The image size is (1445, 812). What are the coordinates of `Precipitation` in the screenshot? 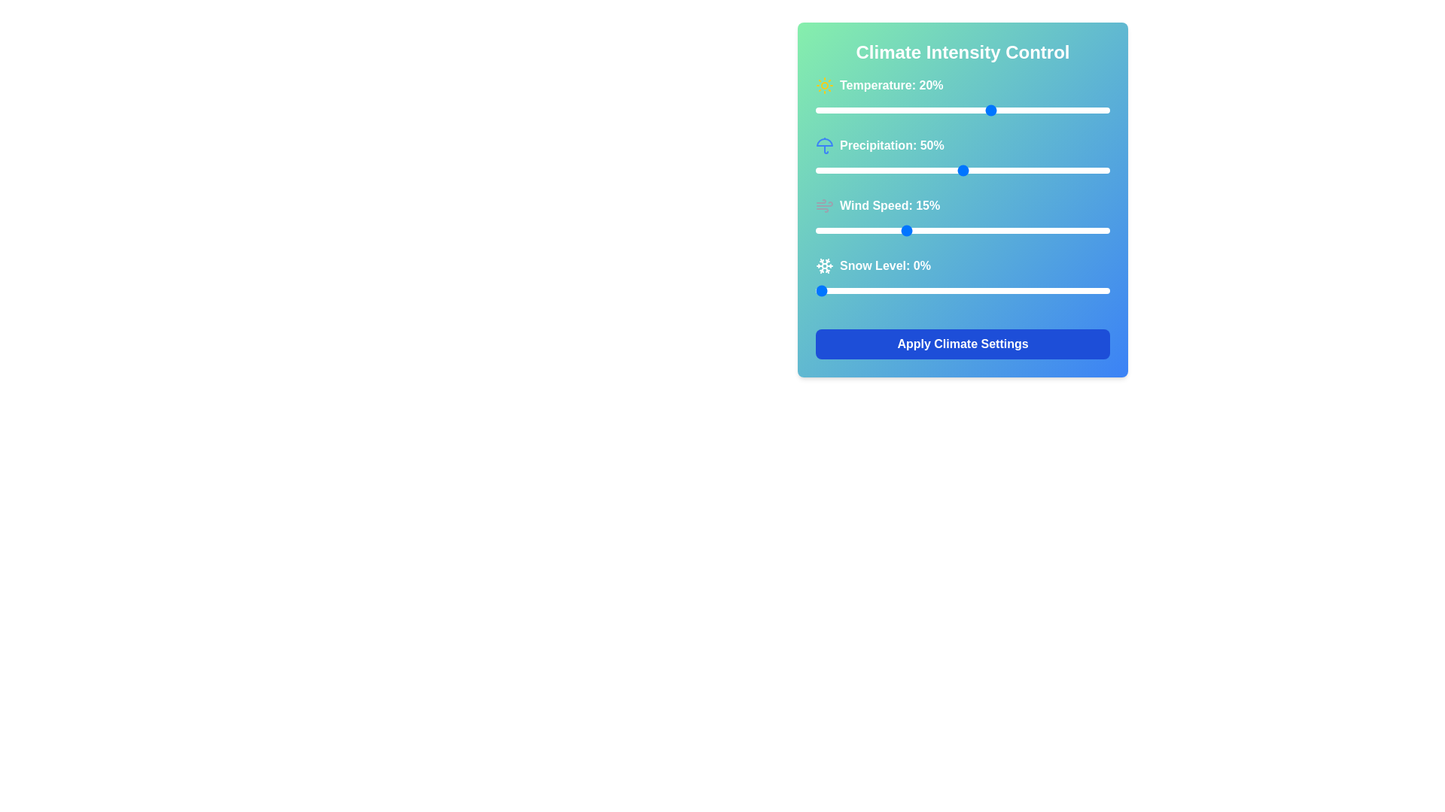 It's located at (1059, 170).